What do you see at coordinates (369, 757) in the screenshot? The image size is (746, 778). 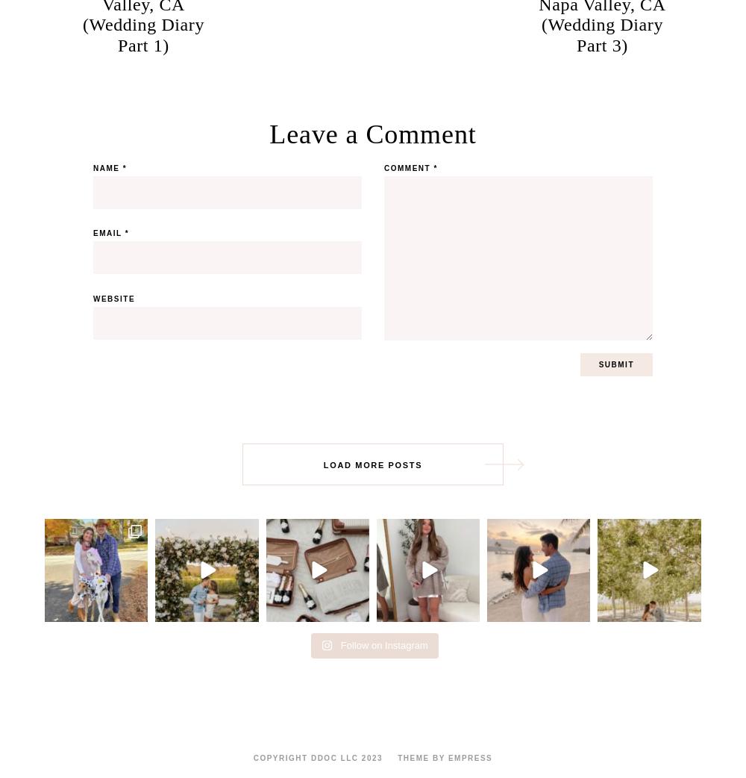 I see `'2023'` at bounding box center [369, 757].